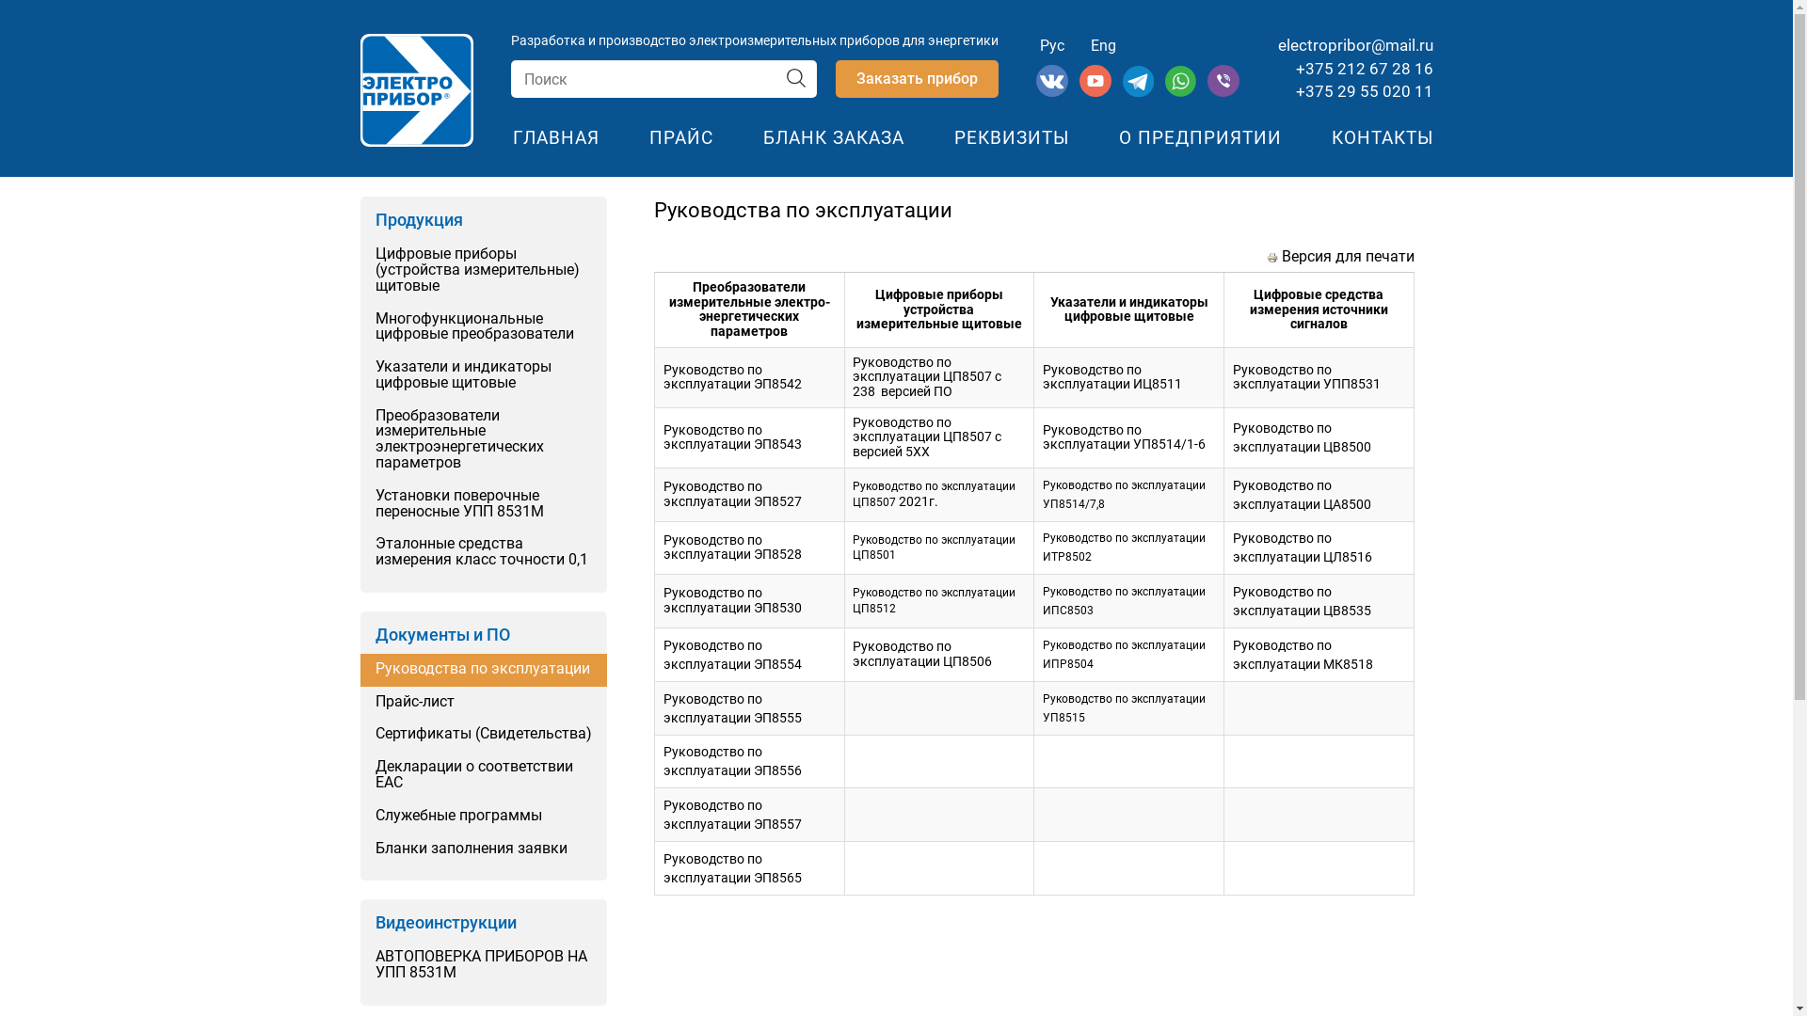  I want to click on 'Viber', so click(1223, 91).